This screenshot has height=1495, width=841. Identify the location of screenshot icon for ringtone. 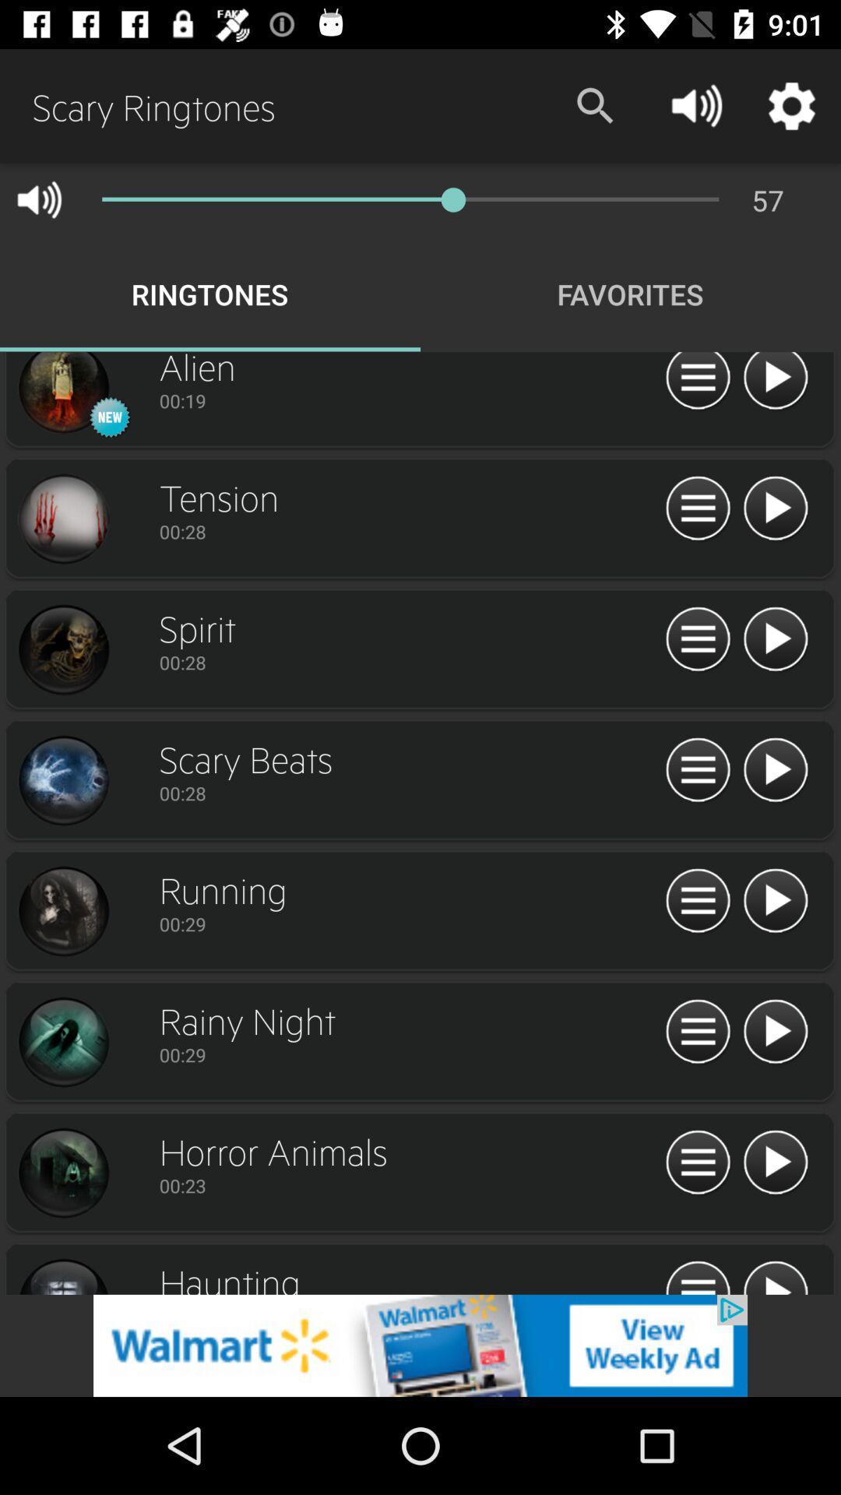
(62, 781).